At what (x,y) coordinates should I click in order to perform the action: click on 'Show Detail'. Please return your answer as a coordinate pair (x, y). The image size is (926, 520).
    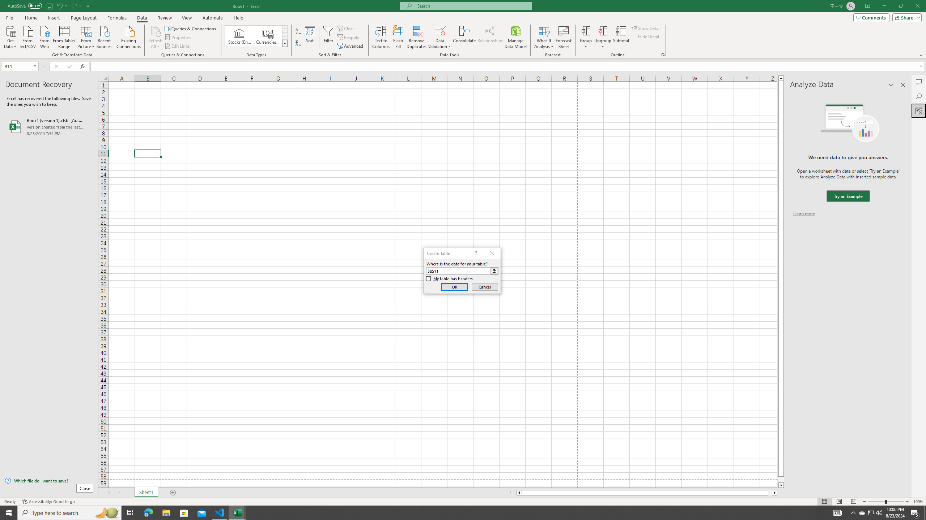
    Looking at the image, I should click on (646, 28).